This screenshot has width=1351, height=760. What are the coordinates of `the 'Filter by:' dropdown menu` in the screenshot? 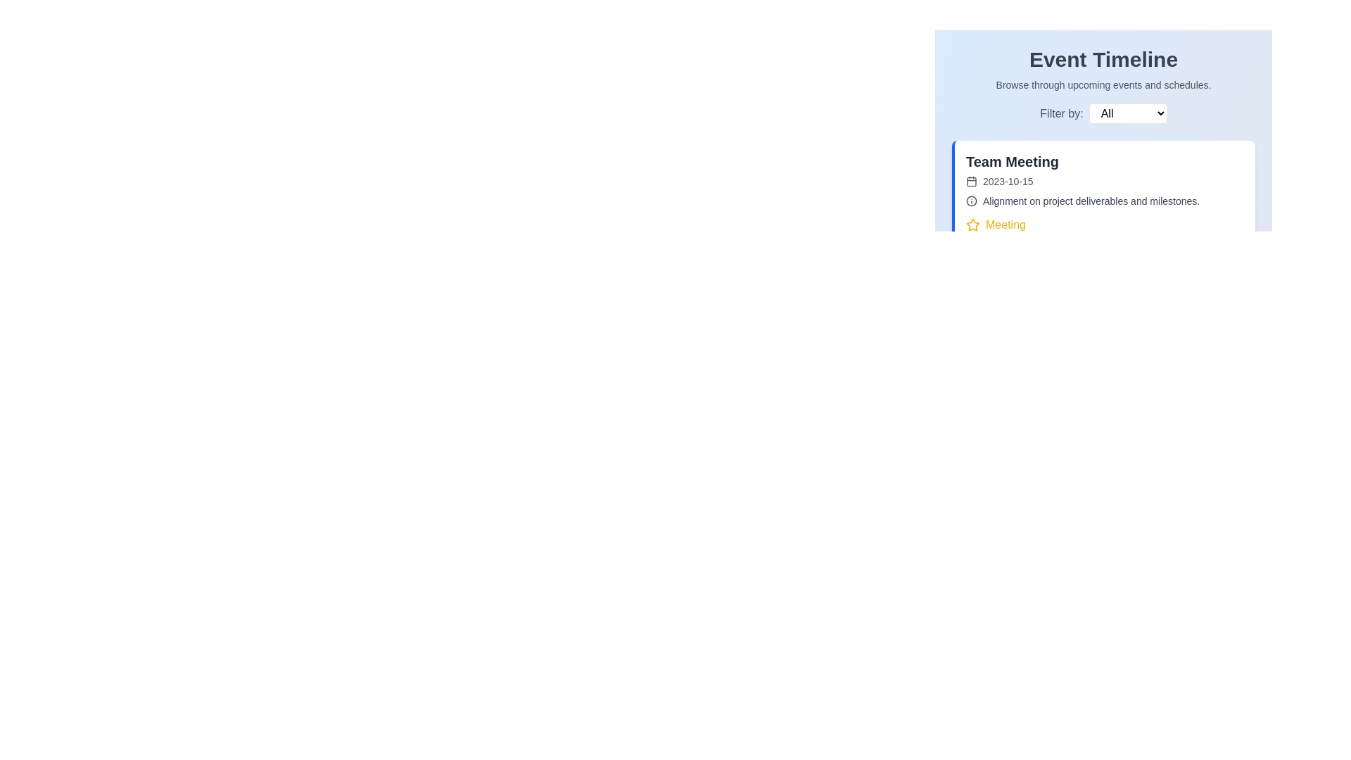 It's located at (1103, 113).